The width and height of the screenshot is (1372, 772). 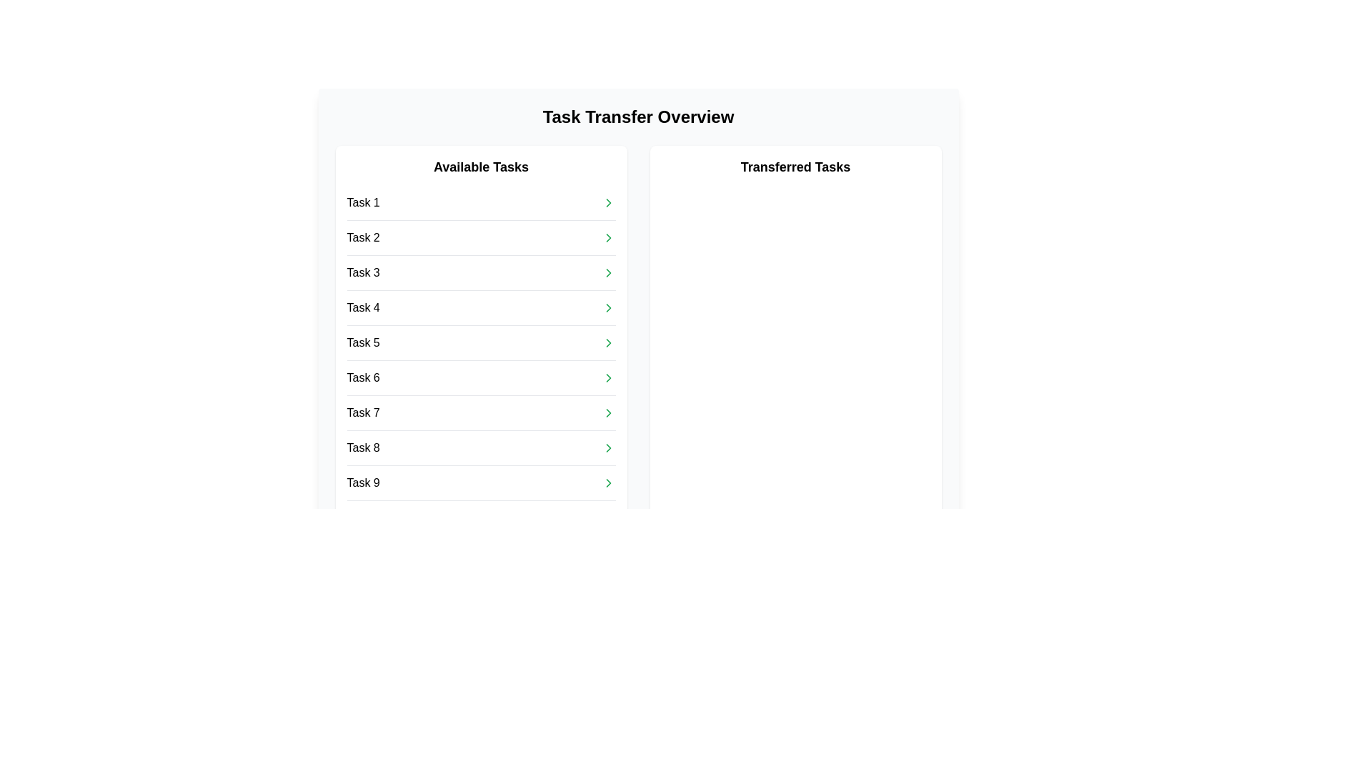 What do you see at coordinates (363, 237) in the screenshot?
I see `the second text label under the 'Available Tasks' header` at bounding box center [363, 237].